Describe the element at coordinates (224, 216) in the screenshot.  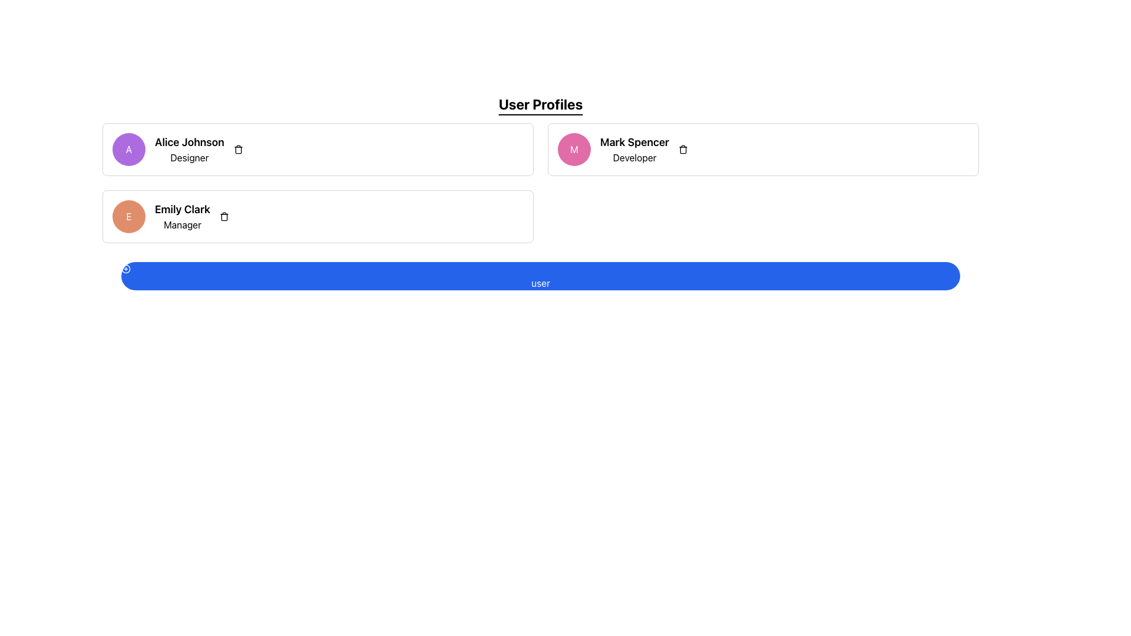
I see `the trash can button located to the right of 'Emily Clark, Manager'` at that location.